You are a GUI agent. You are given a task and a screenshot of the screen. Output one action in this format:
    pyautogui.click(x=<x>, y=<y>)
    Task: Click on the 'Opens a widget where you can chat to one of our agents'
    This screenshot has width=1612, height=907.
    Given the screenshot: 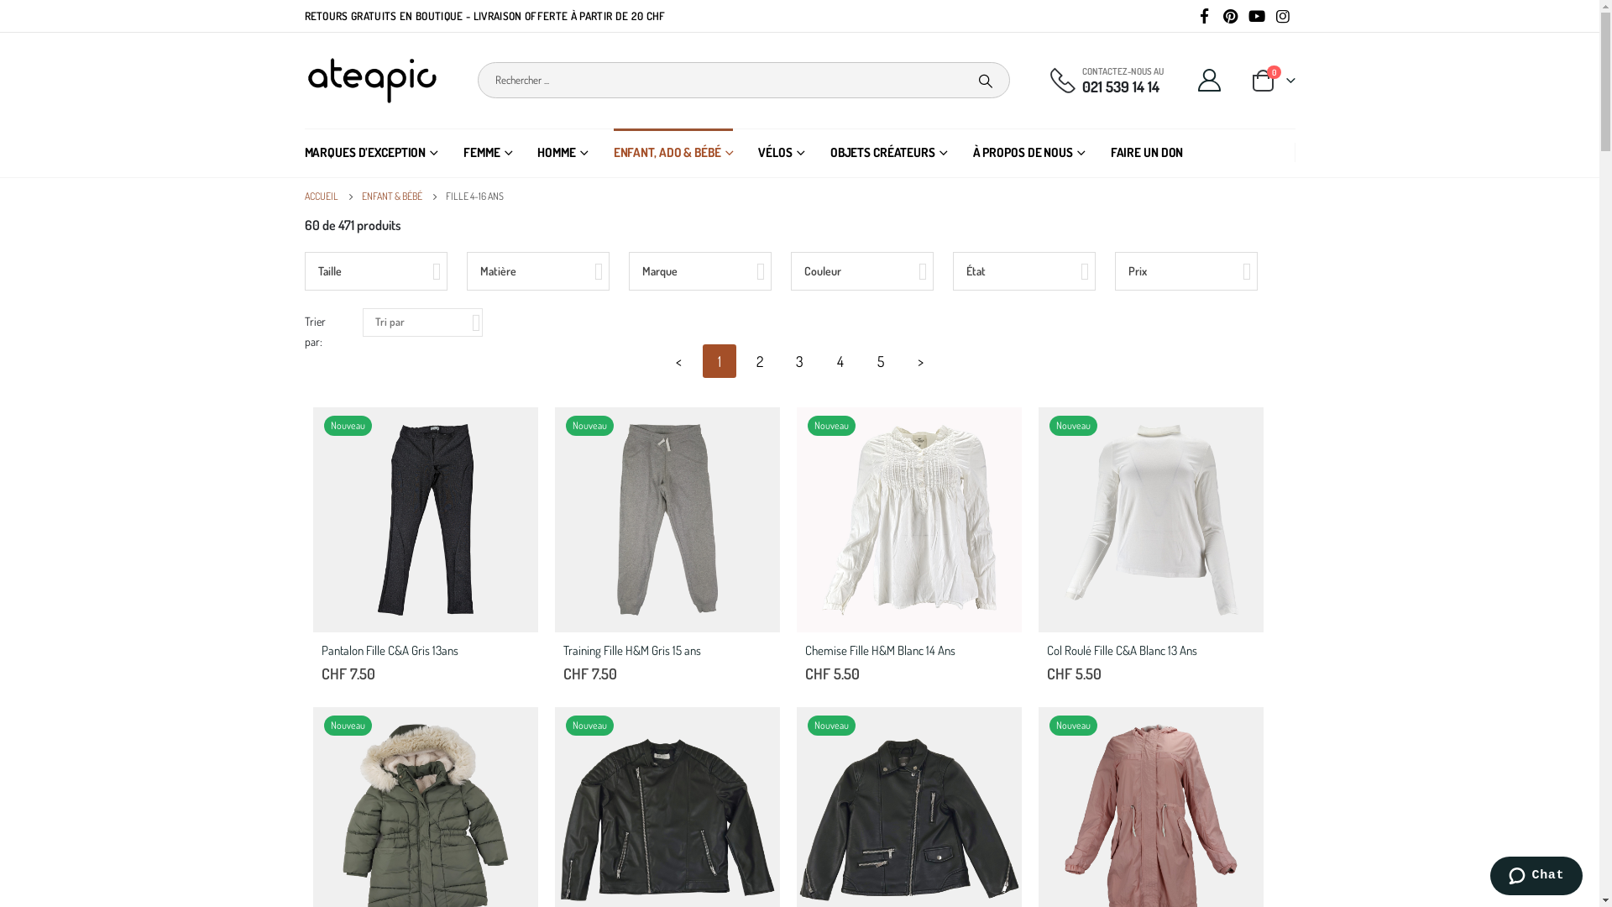 What is the action you would take?
    pyautogui.click(x=1536, y=877)
    